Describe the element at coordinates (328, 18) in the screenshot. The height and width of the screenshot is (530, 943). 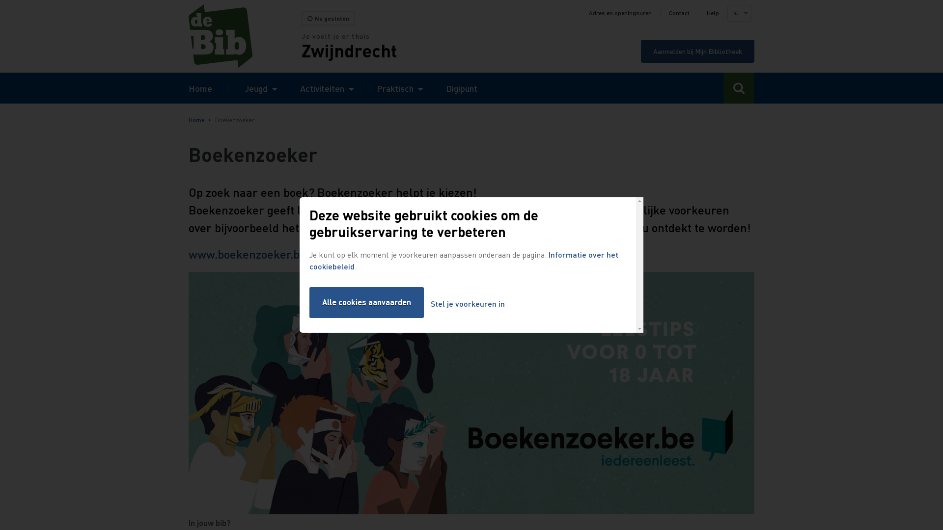
I see `'Nu gesloten'` at that location.